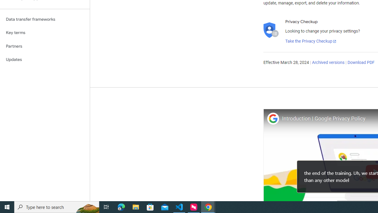 The image size is (378, 213). Describe the element at coordinates (45, 33) in the screenshot. I see `'Key terms'` at that location.